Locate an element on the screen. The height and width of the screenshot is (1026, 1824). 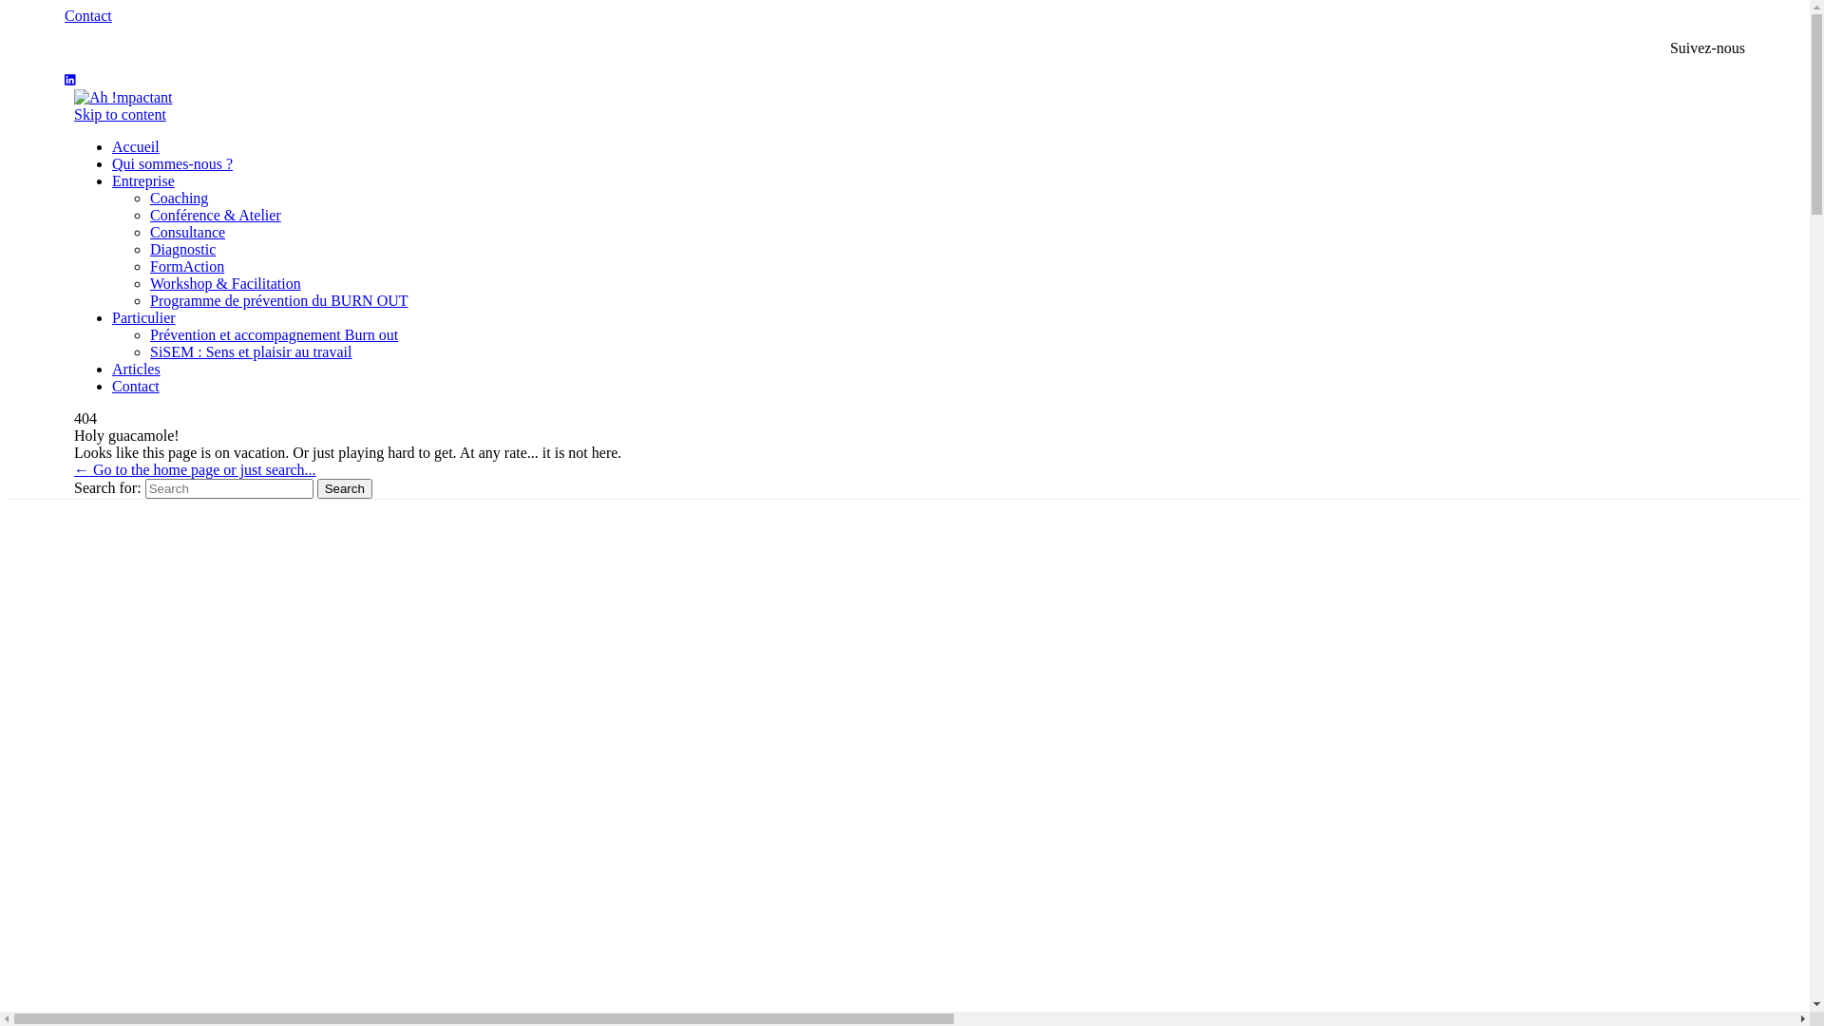
'Contact' is located at coordinates (135, 385).